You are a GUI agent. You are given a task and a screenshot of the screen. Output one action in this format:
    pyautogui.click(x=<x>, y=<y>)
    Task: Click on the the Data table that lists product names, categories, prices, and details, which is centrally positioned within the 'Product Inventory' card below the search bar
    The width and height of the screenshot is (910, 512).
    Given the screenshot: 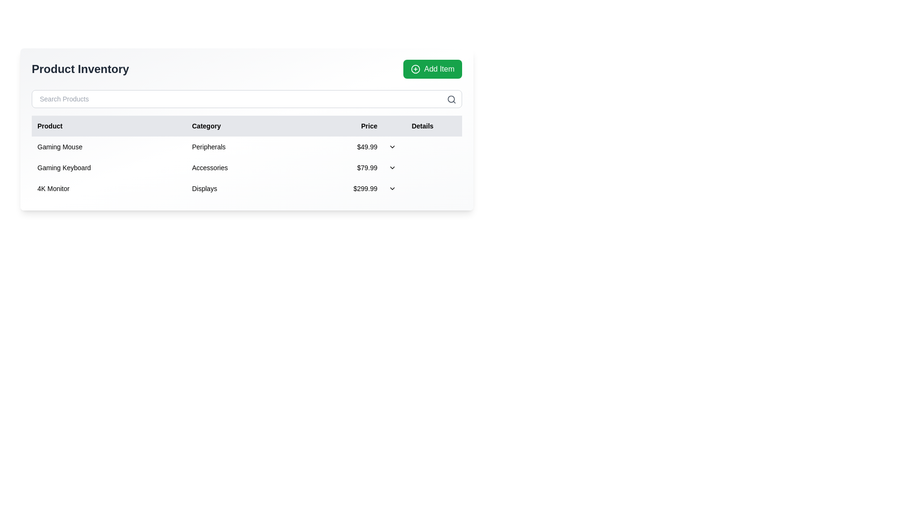 What is the action you would take?
    pyautogui.click(x=247, y=156)
    